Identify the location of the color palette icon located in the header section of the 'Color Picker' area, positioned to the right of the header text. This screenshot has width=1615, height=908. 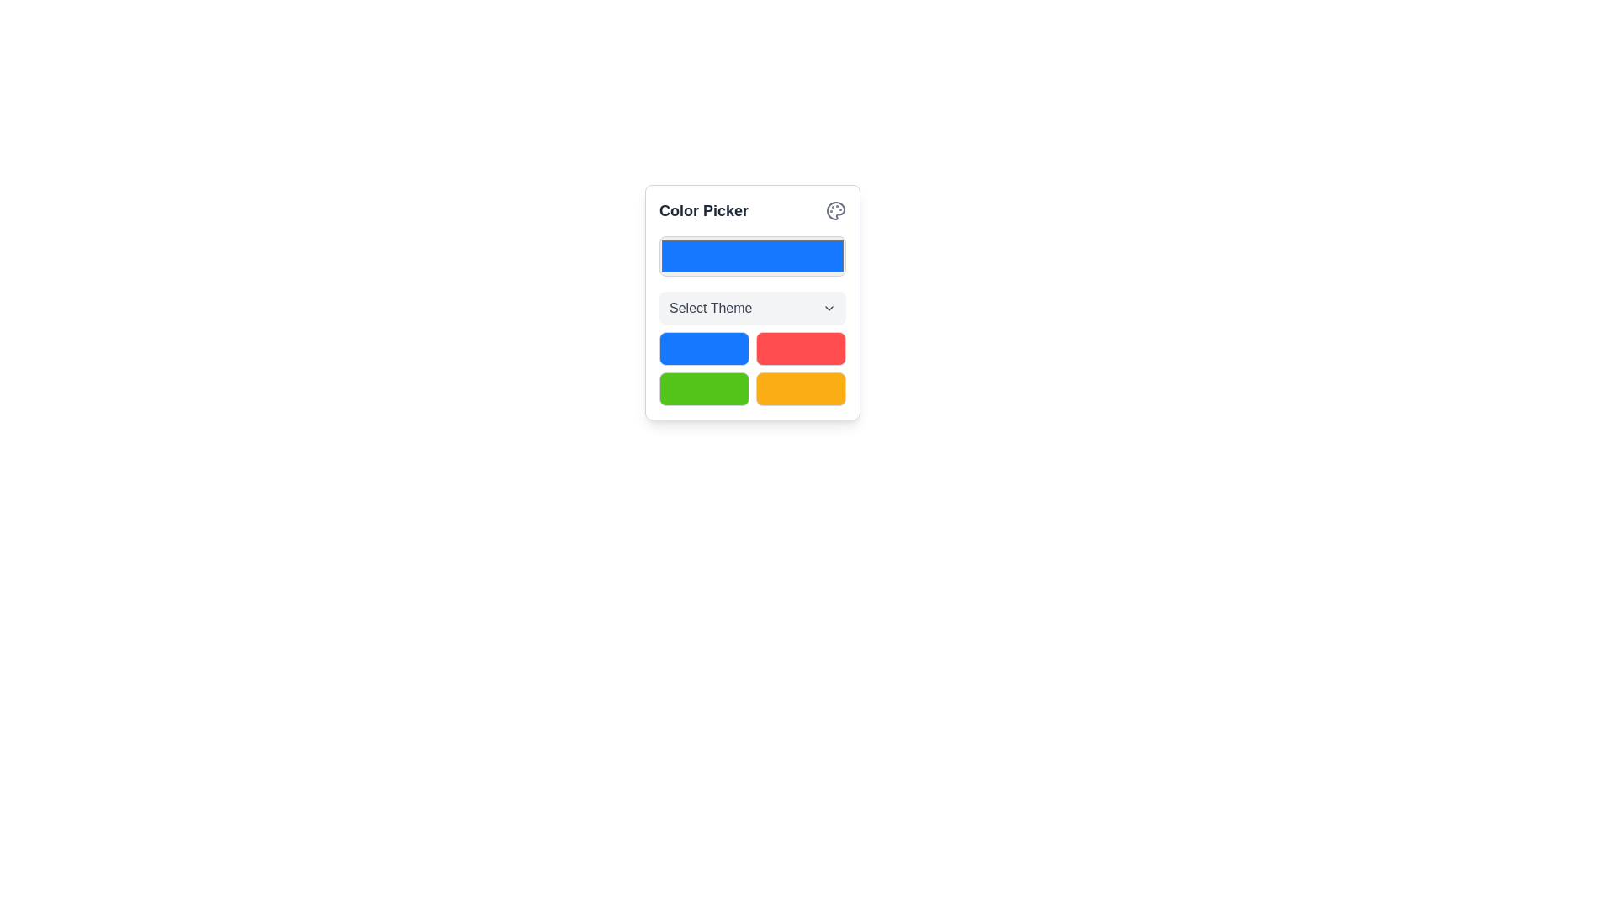
(835, 209).